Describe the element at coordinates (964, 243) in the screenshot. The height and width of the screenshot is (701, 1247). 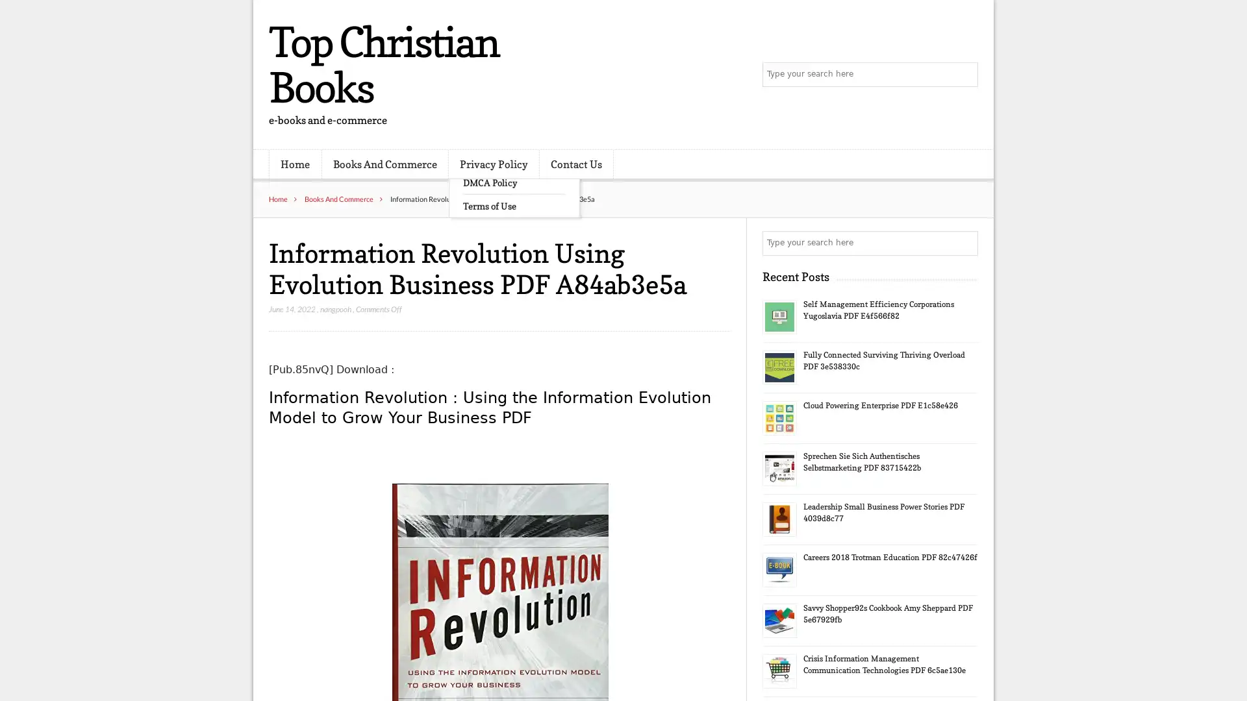
I see `Search` at that location.